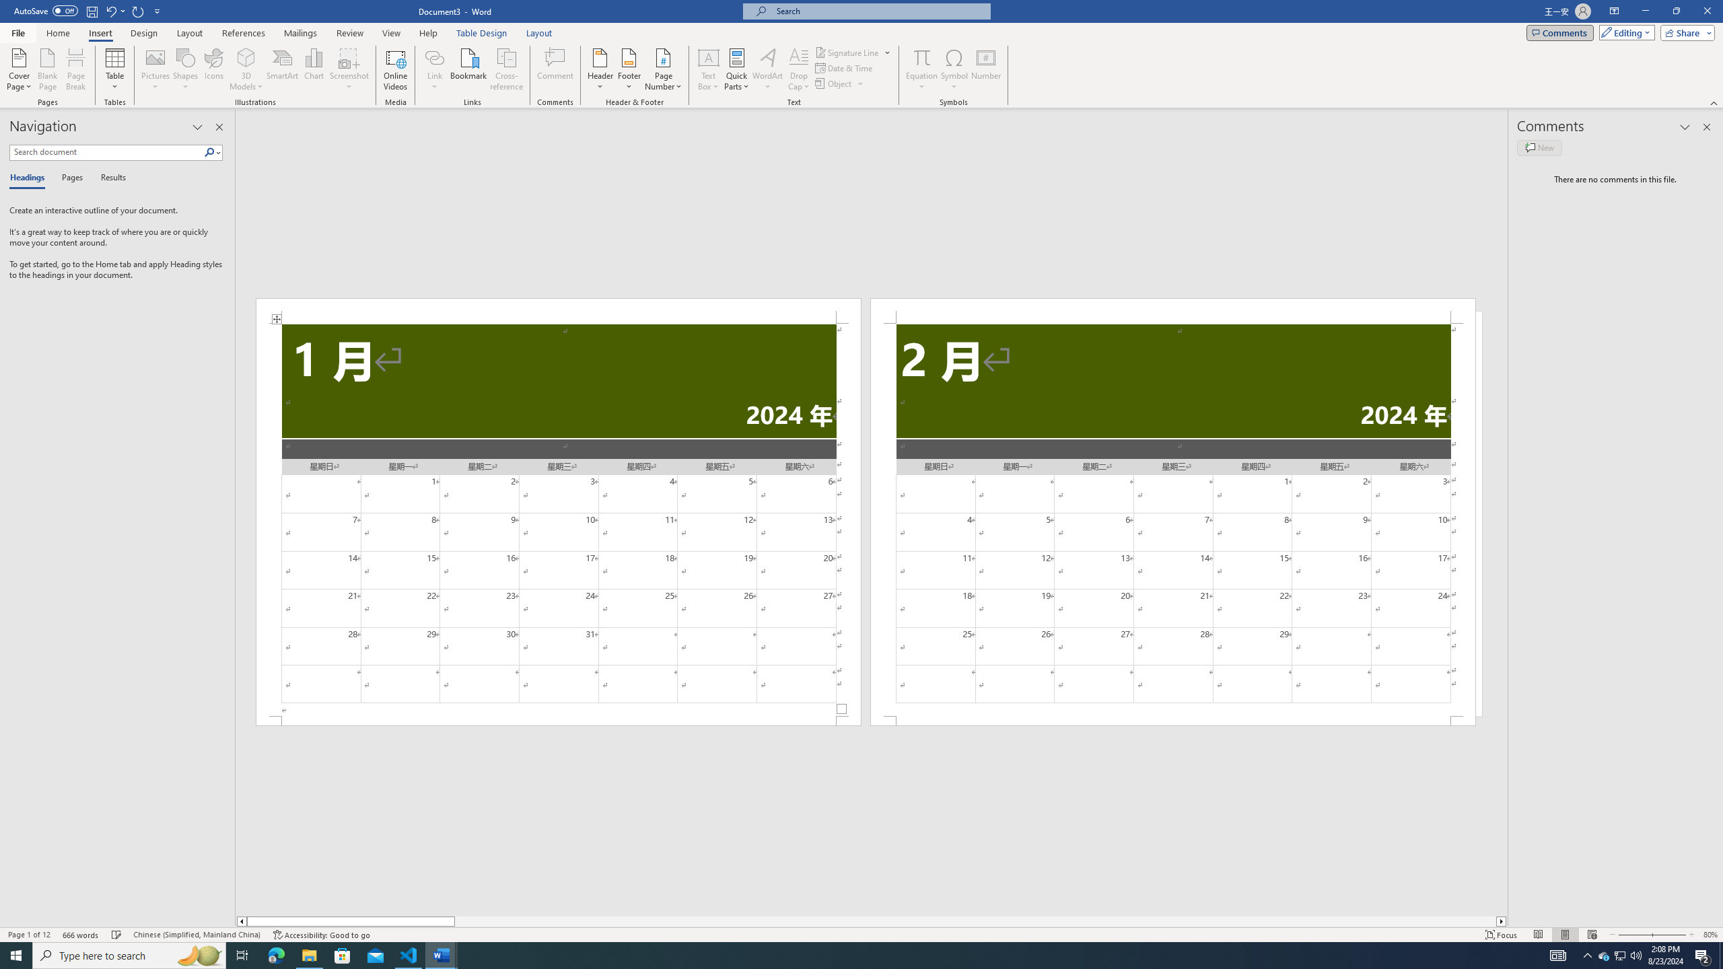  I want to click on 'File Tab', so click(17, 32).